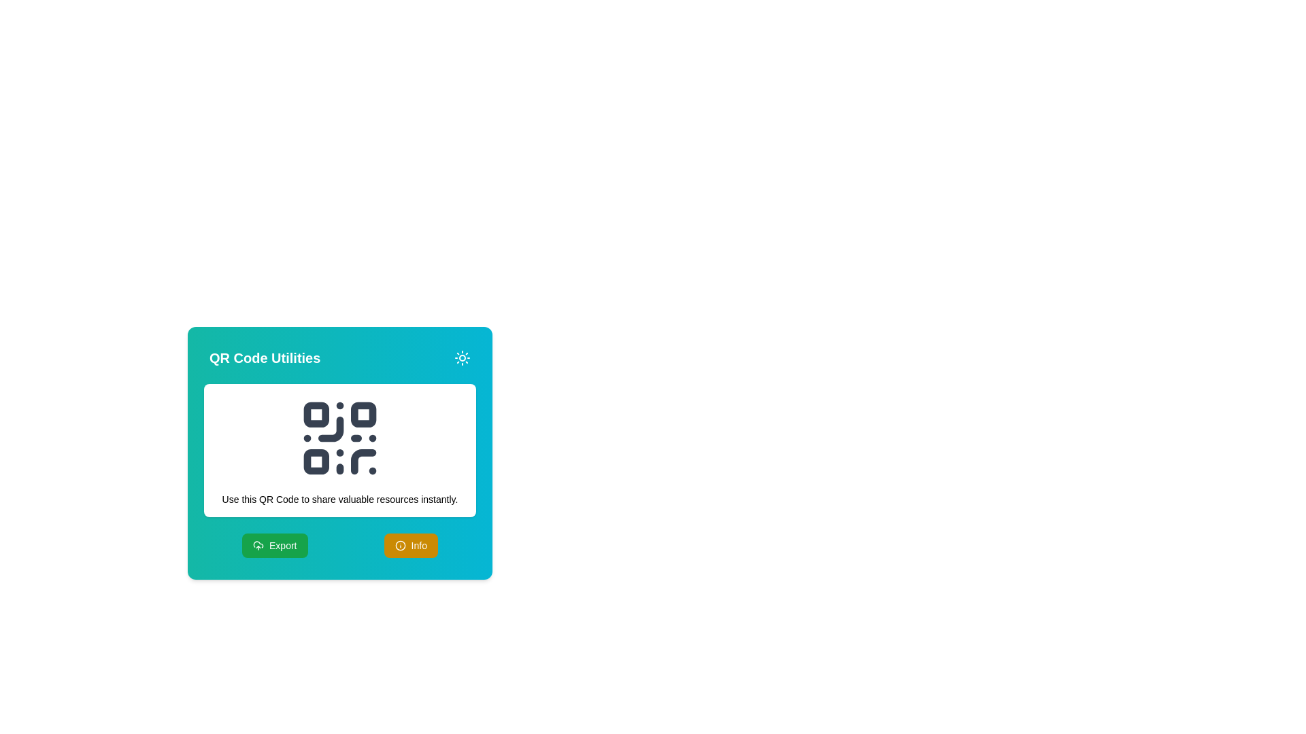  Describe the element at coordinates (410, 544) in the screenshot. I see `the additional information button located at the bottom-right of the 'QR Code Utilities' card interface` at that location.